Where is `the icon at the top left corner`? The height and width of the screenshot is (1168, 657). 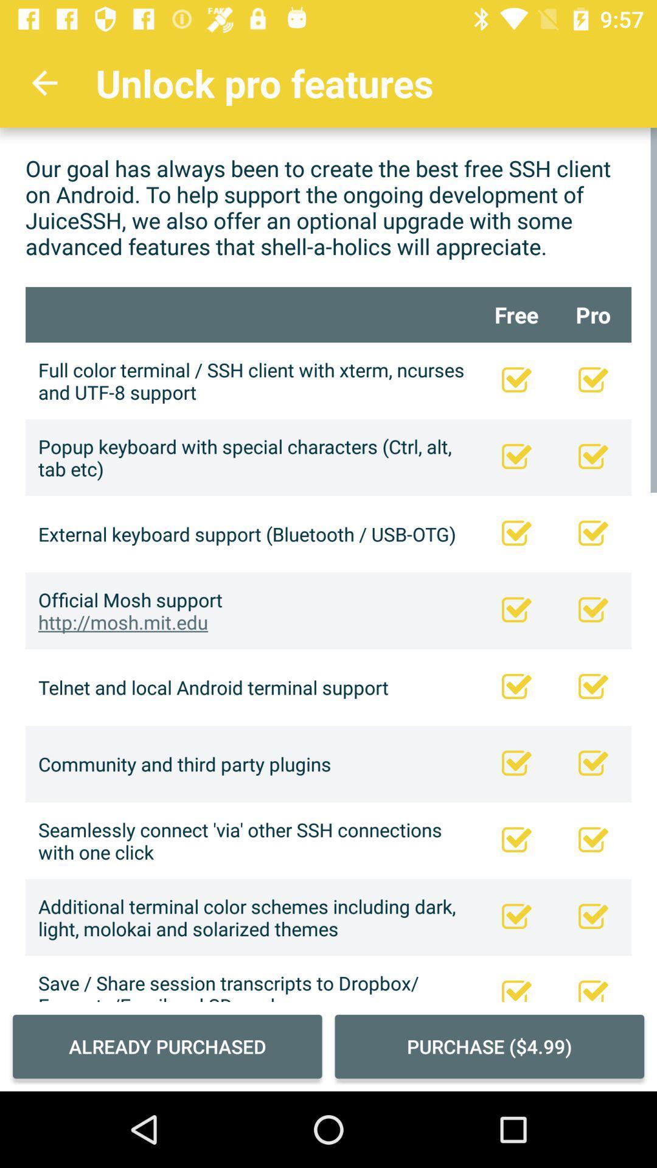
the icon at the top left corner is located at coordinates (44, 82).